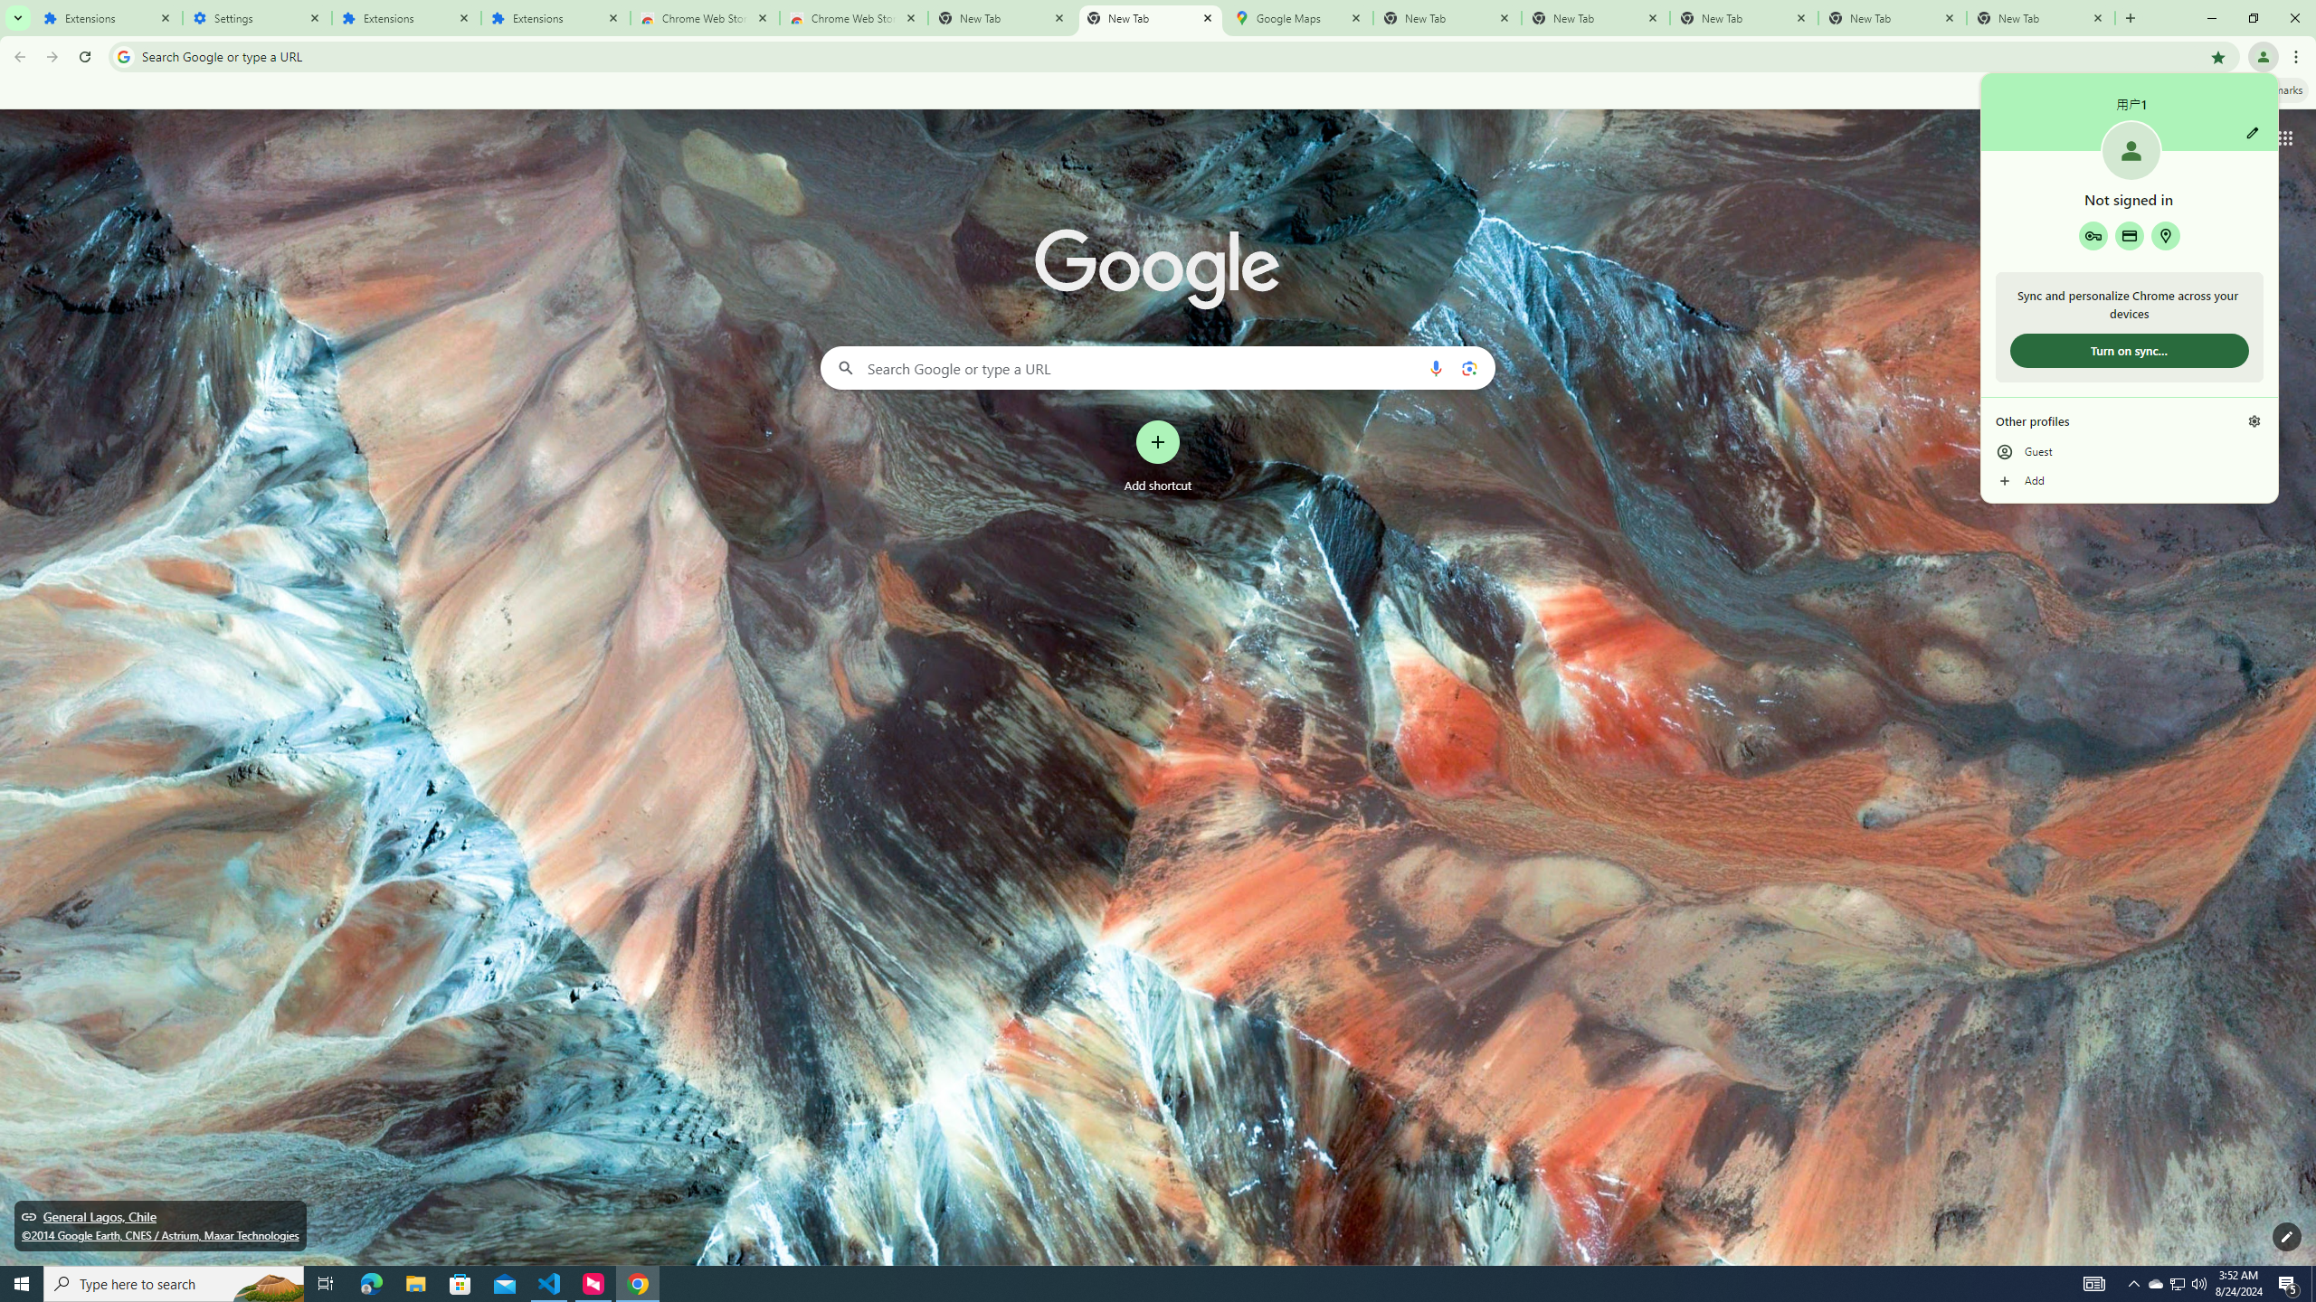 Image resolution: width=2316 pixels, height=1302 pixels. Describe the element at coordinates (1158, 457) in the screenshot. I see `'Add shortcut'` at that location.